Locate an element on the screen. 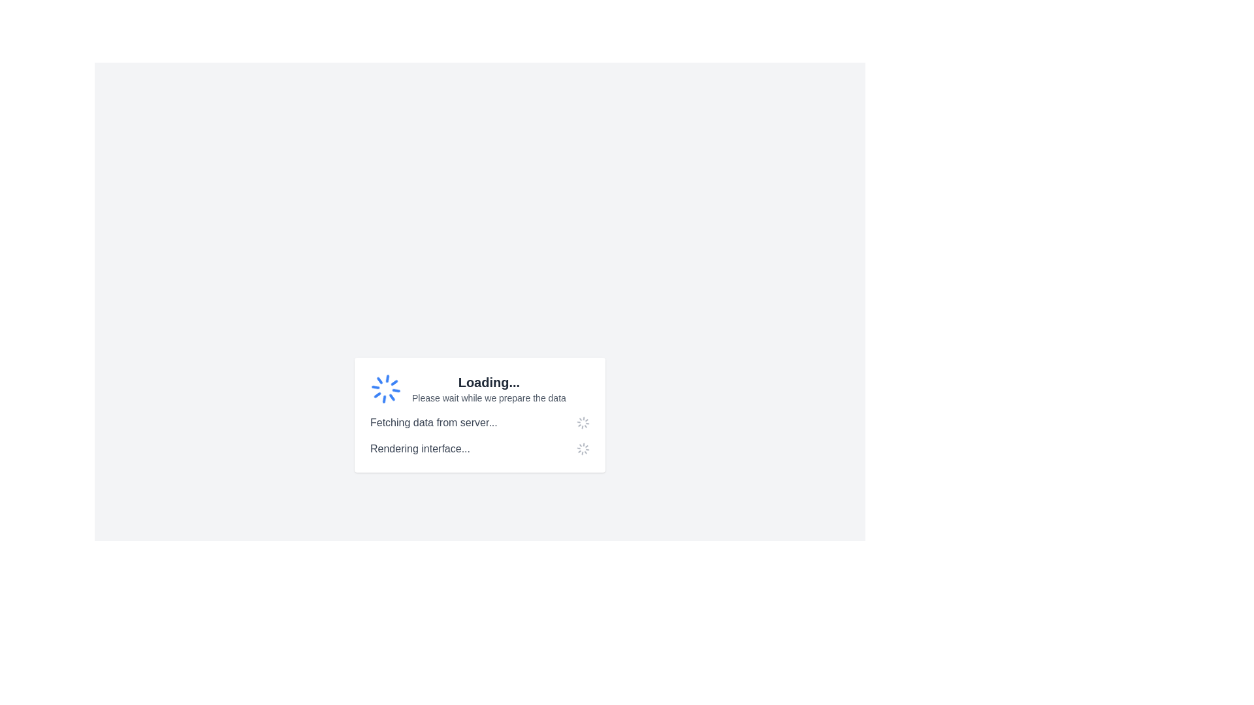 The height and width of the screenshot is (705, 1254). the animation effect of the loading spinner located at the center bottom-right of the panel, adjacent to the text 'Rendering interface...' is located at coordinates (582, 448).